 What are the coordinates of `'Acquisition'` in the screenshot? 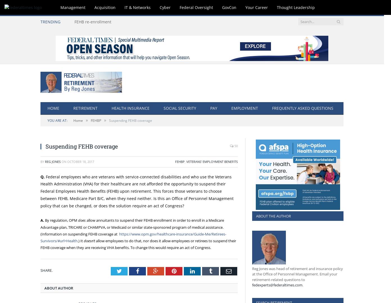 It's located at (94, 7).